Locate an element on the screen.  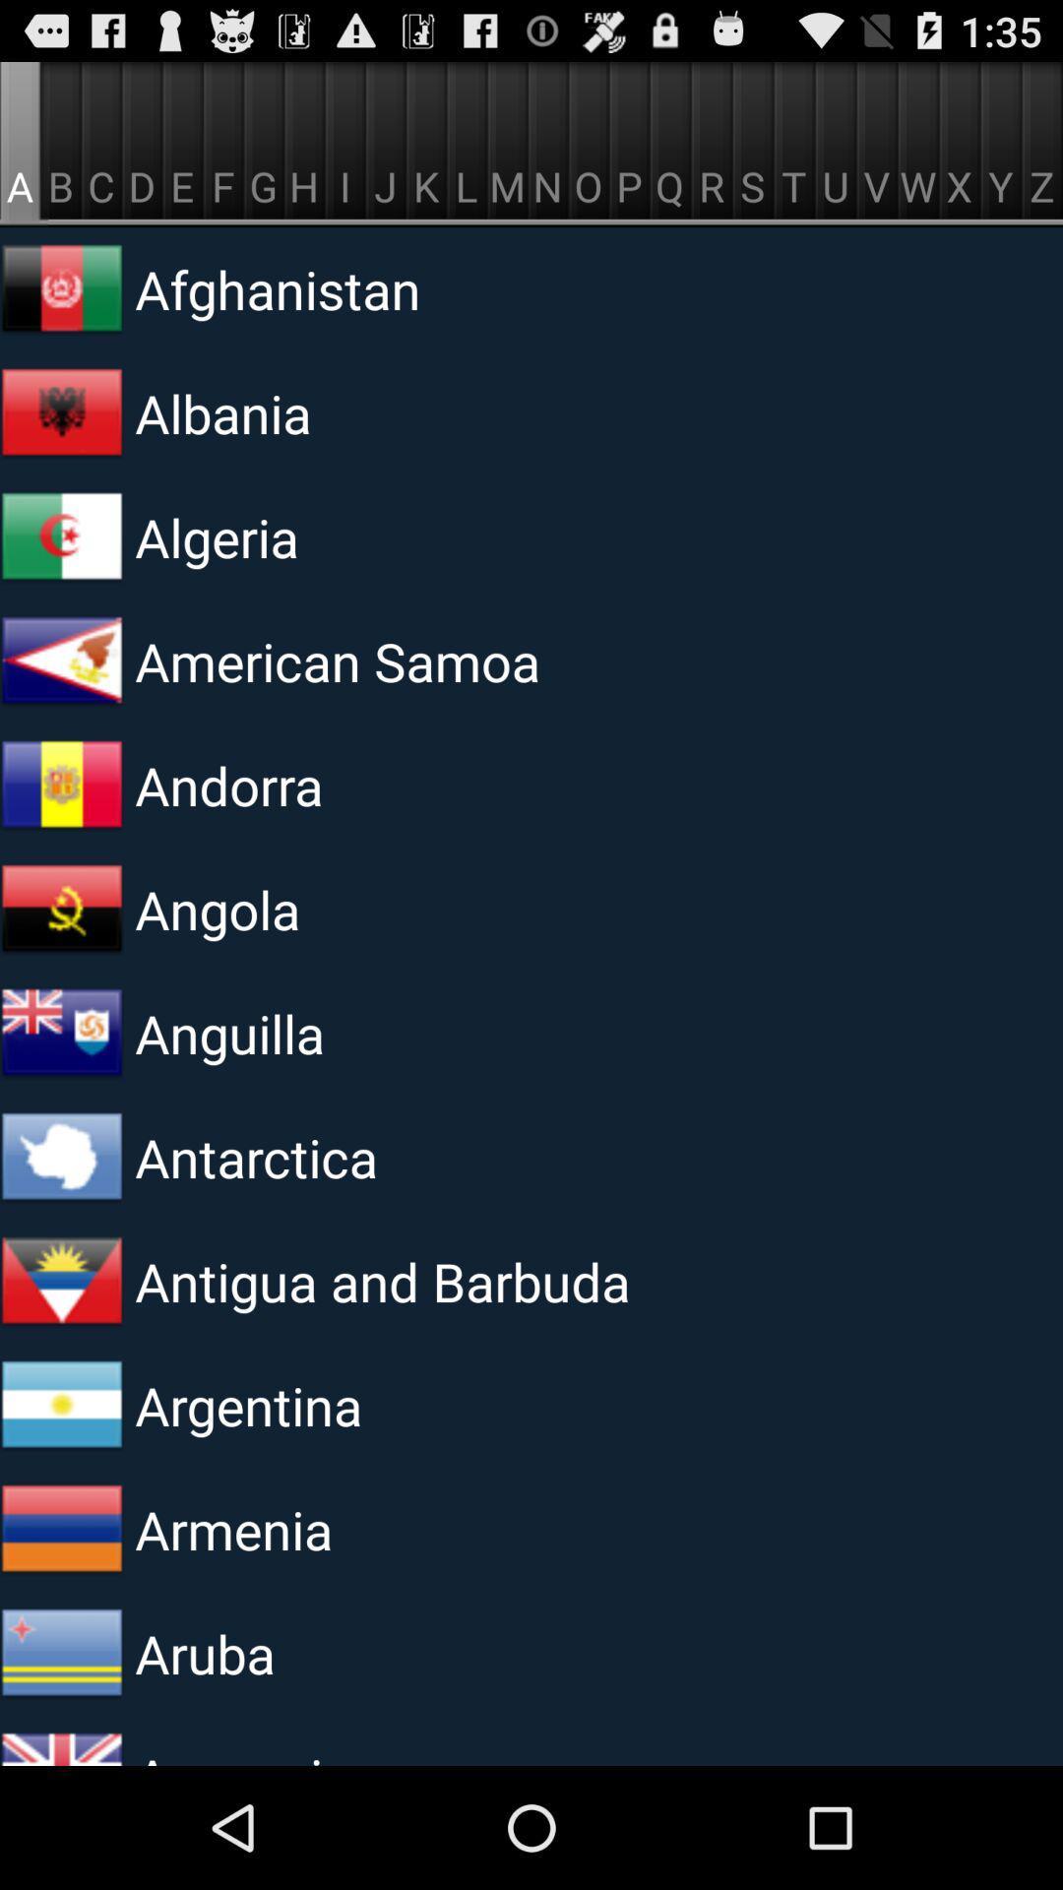
the national_flag icon is located at coordinates (60, 1637).